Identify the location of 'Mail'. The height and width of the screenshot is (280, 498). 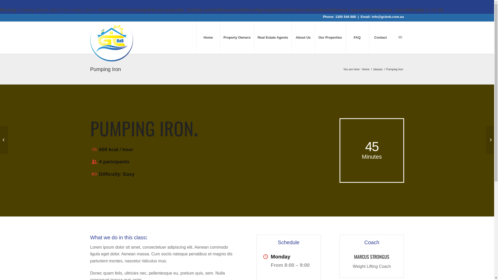
(400, 37).